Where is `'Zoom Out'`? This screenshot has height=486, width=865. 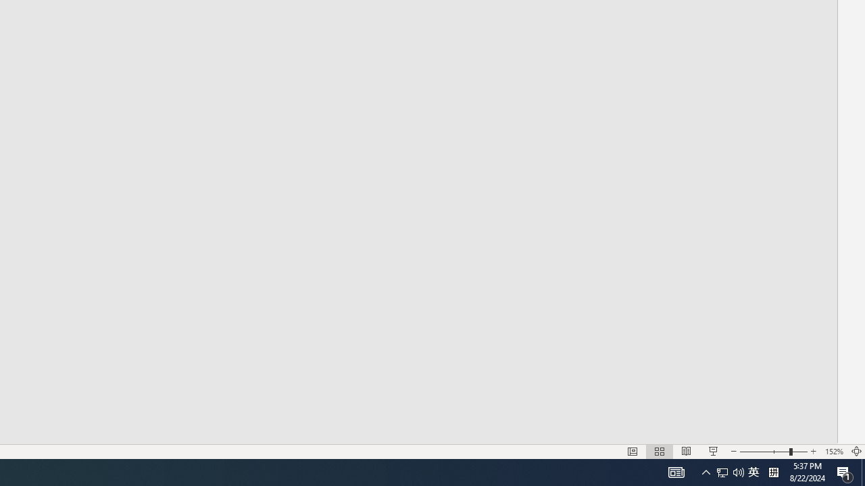 'Zoom Out' is located at coordinates (764, 452).